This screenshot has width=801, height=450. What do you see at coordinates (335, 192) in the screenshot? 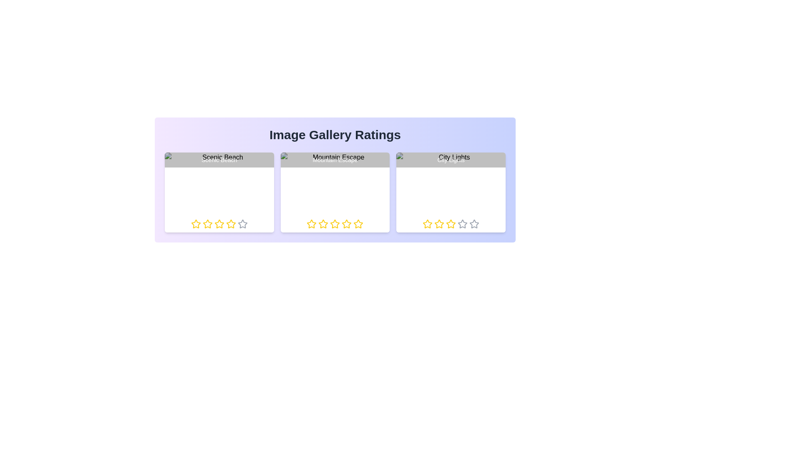
I see `the image titled Mountain Escape to view its details` at bounding box center [335, 192].